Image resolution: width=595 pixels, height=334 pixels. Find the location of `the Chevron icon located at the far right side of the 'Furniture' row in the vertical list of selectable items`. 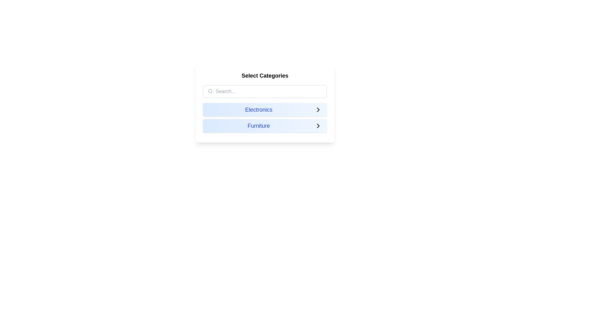

the Chevron icon located at the far right side of the 'Furniture' row in the vertical list of selectable items is located at coordinates (318, 126).